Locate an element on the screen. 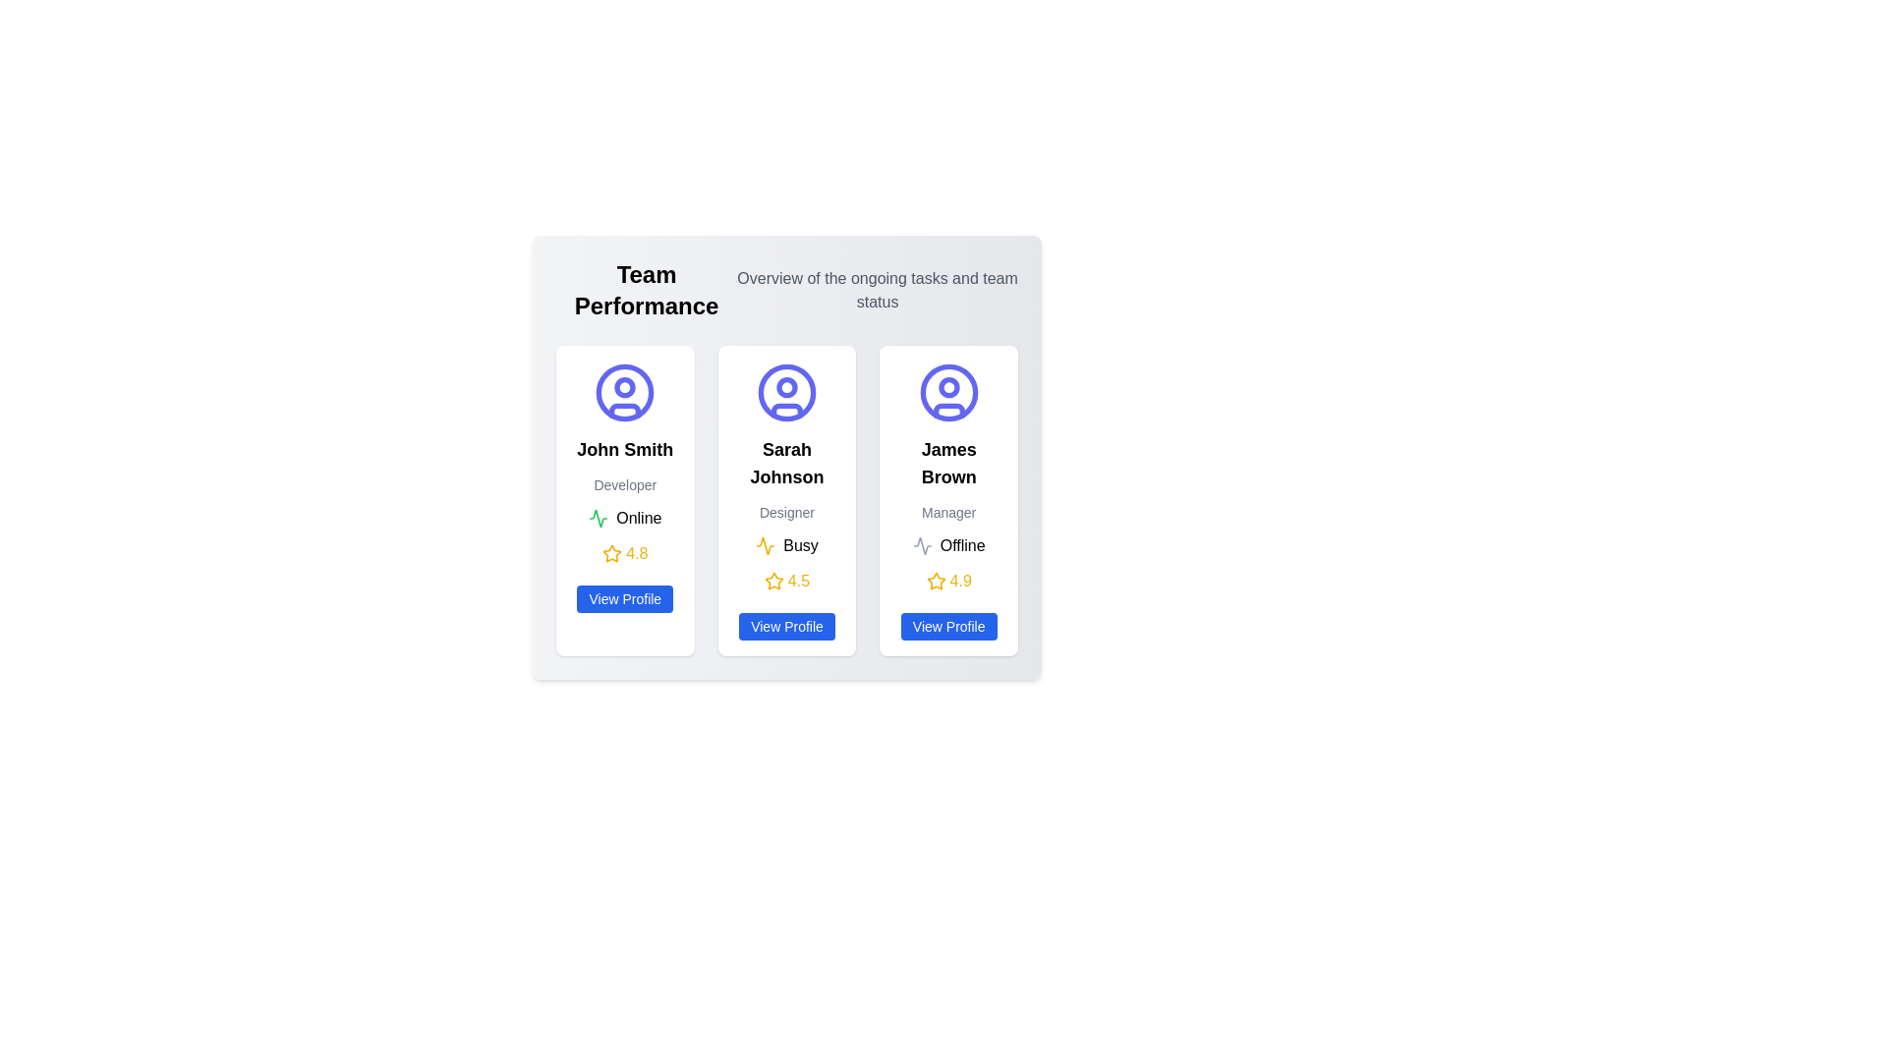 This screenshot has height=1061, width=1887. the text label providing descriptive information next to the 'Team Performance' heading is located at coordinates (877, 291).